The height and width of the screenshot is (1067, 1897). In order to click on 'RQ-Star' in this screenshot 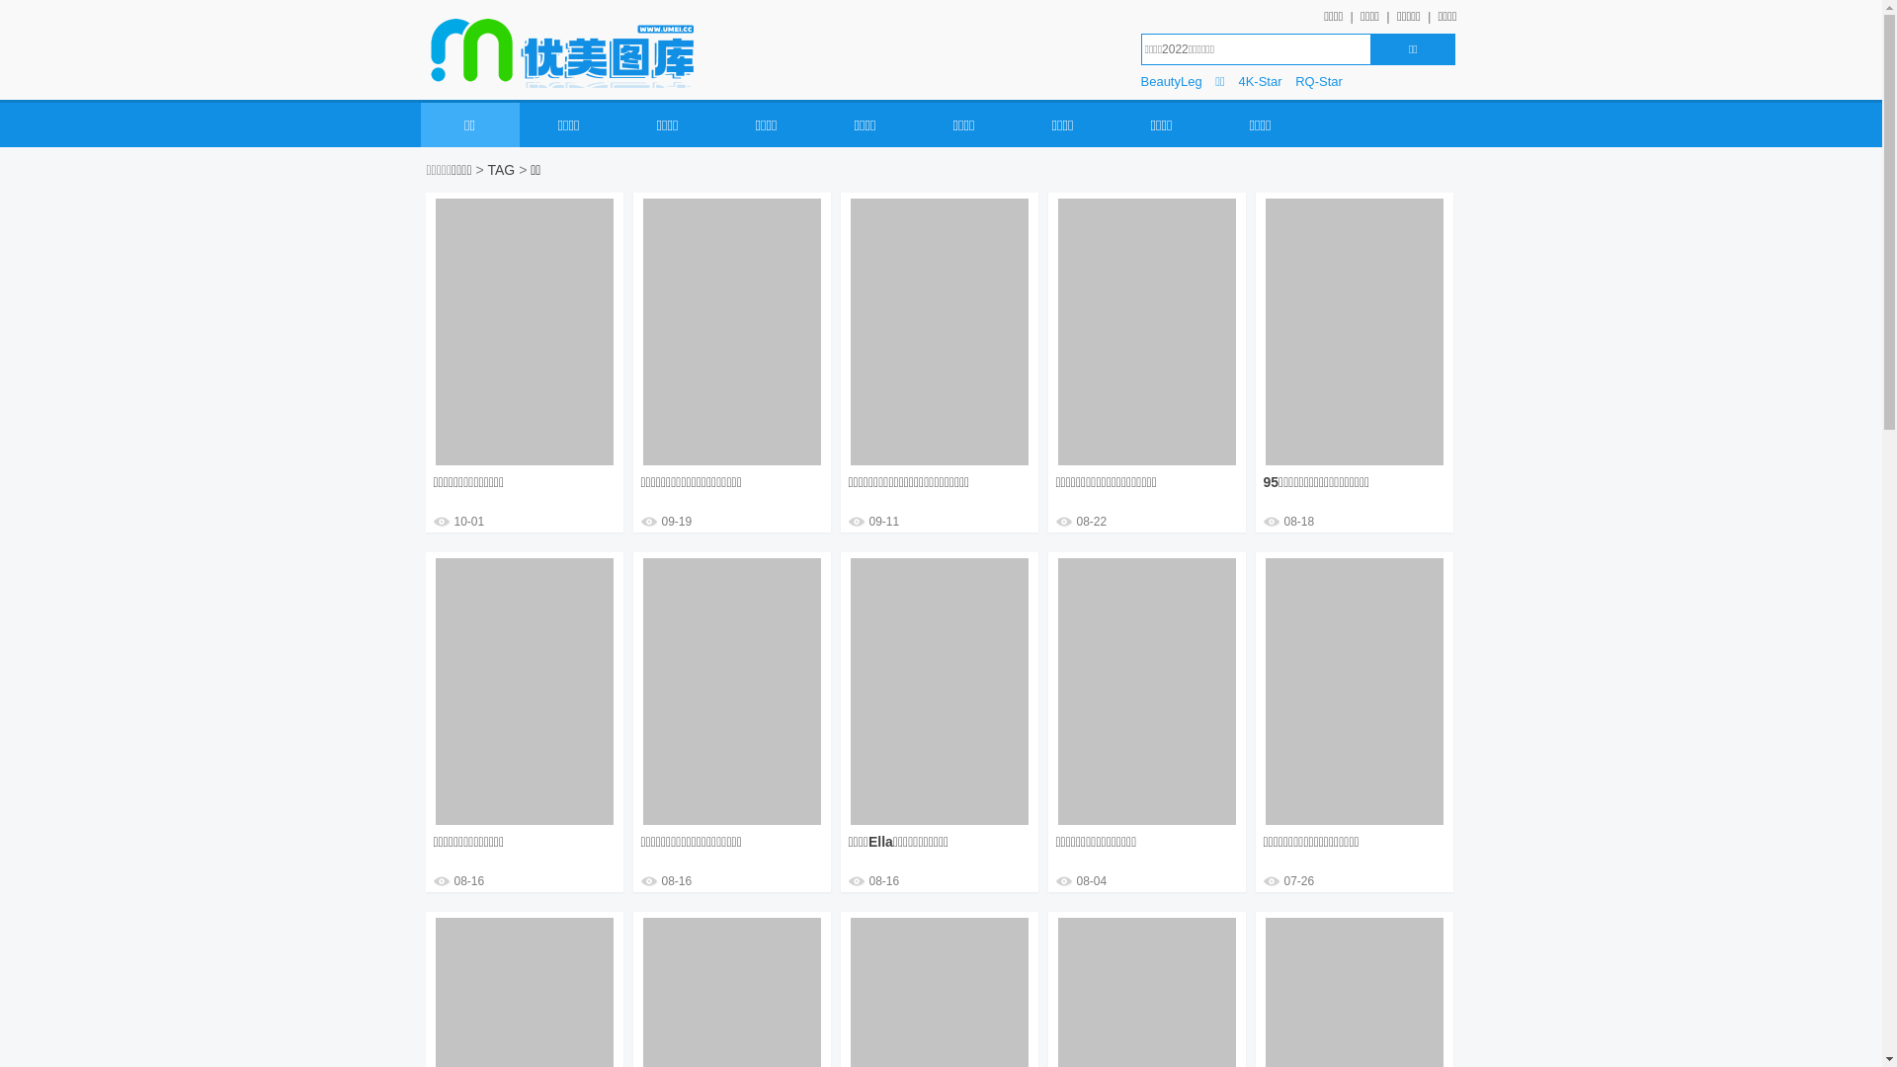, I will do `click(1294, 81)`.